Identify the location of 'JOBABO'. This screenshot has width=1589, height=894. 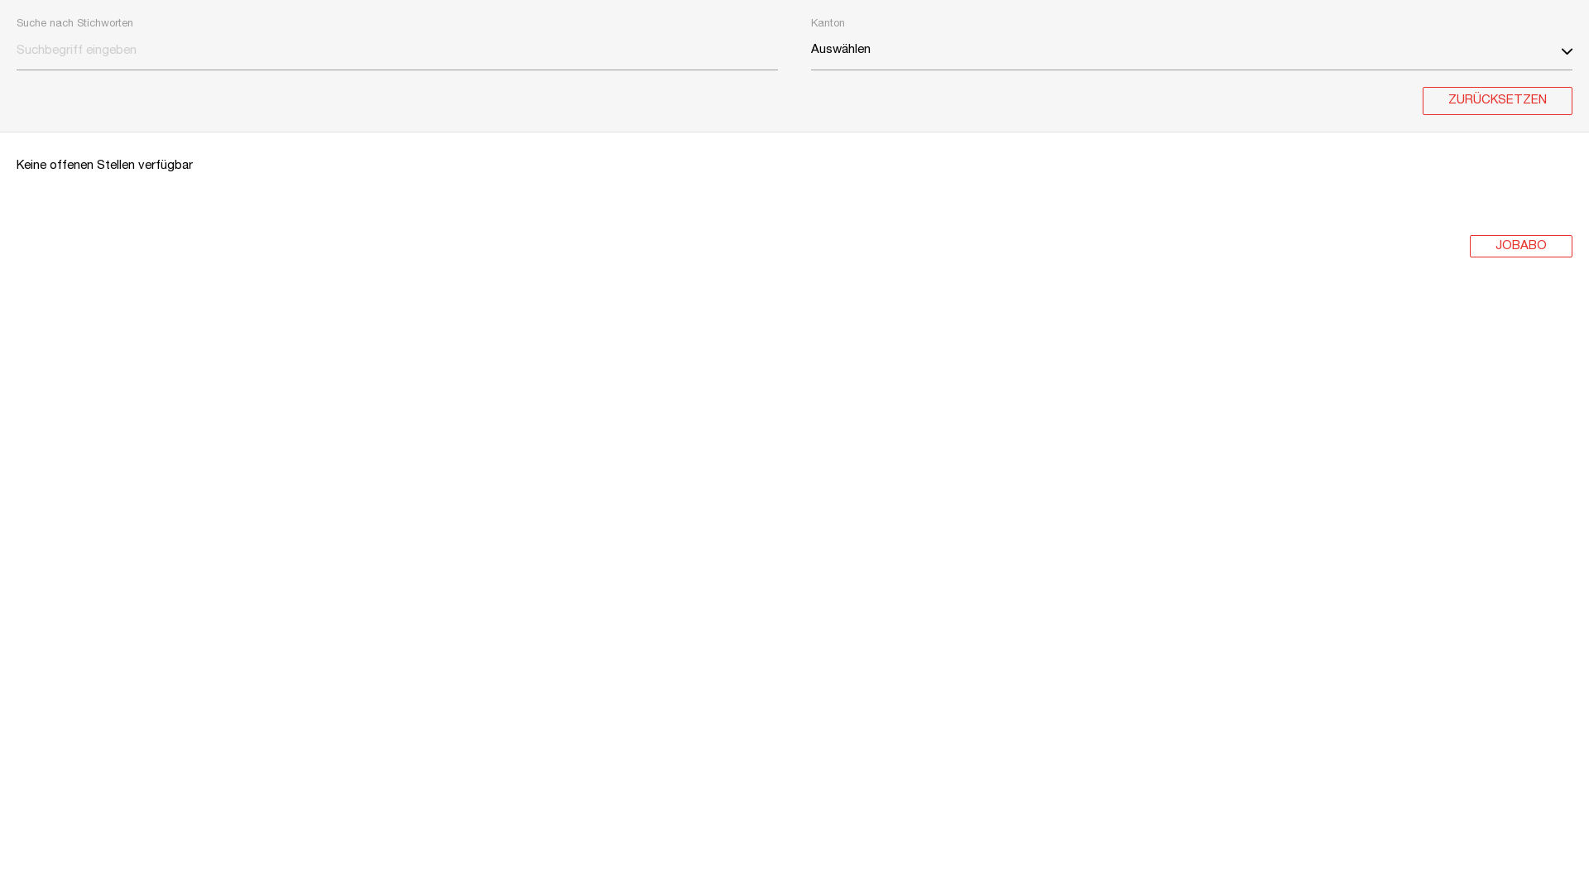
(1521, 246).